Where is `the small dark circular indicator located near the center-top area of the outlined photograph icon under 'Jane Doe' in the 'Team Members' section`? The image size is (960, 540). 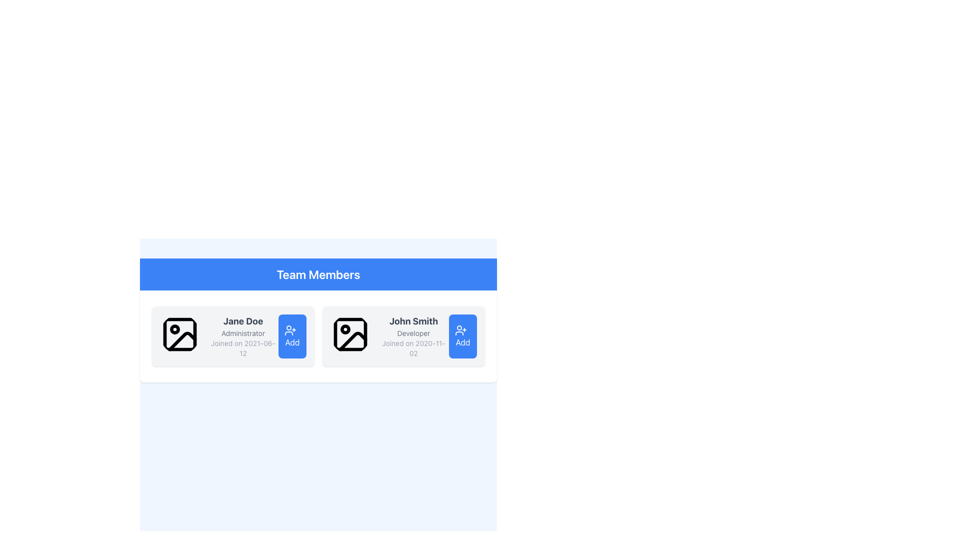
the small dark circular indicator located near the center-top area of the outlined photograph icon under 'Jane Doe' in the 'Team Members' section is located at coordinates (175, 329).